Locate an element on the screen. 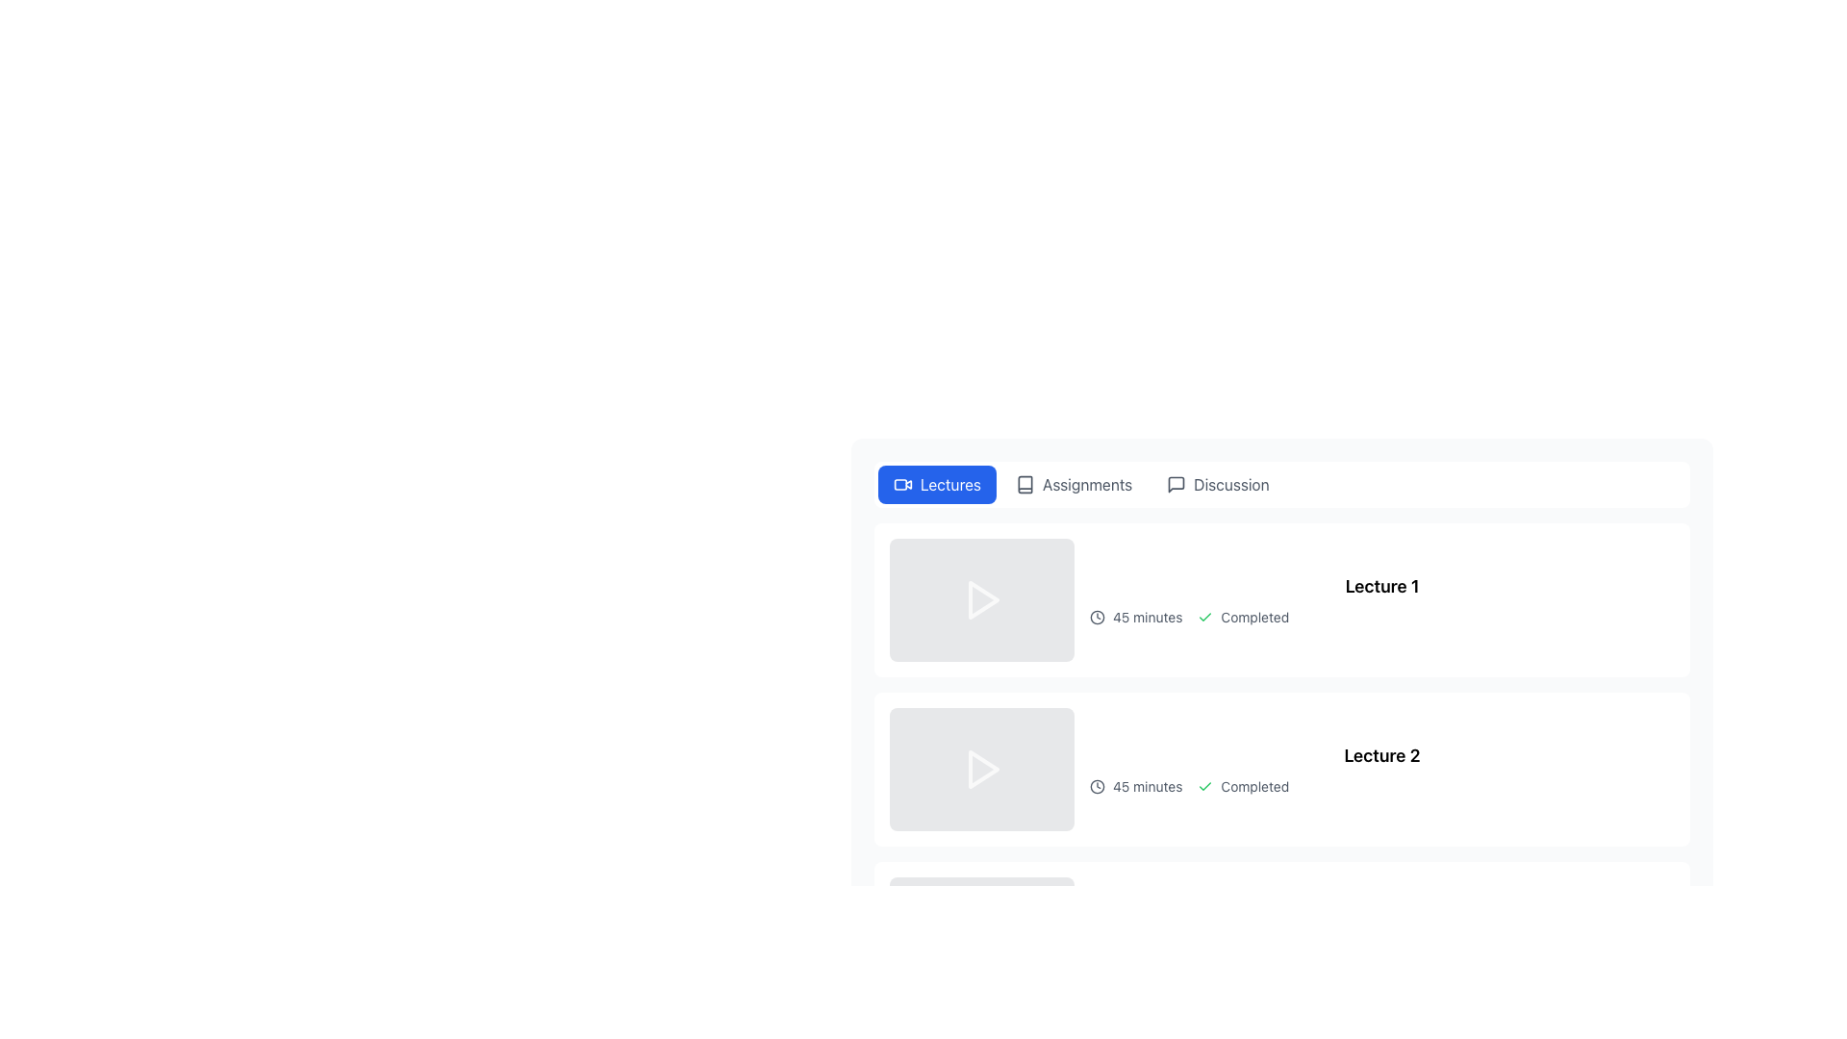 Image resolution: width=1847 pixels, height=1039 pixels. the second lecture item in the list, which represents a lecture that can be interacted with is located at coordinates (1282, 768).